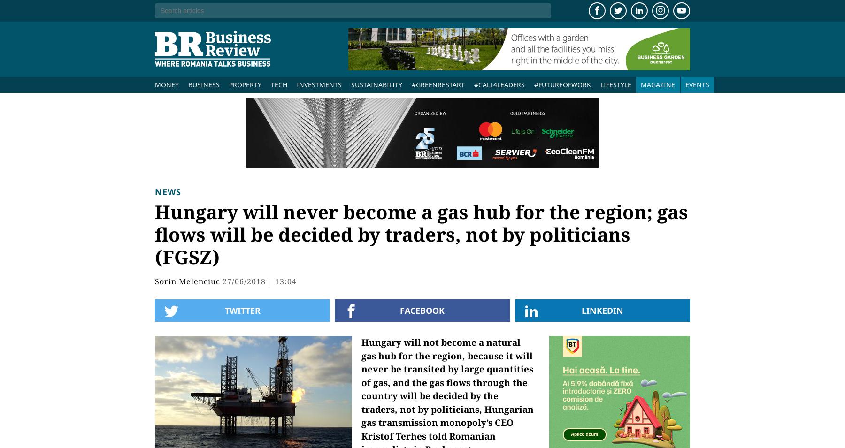 The width and height of the screenshot is (845, 448). Describe the element at coordinates (422, 310) in the screenshot. I see `'Facebook'` at that location.